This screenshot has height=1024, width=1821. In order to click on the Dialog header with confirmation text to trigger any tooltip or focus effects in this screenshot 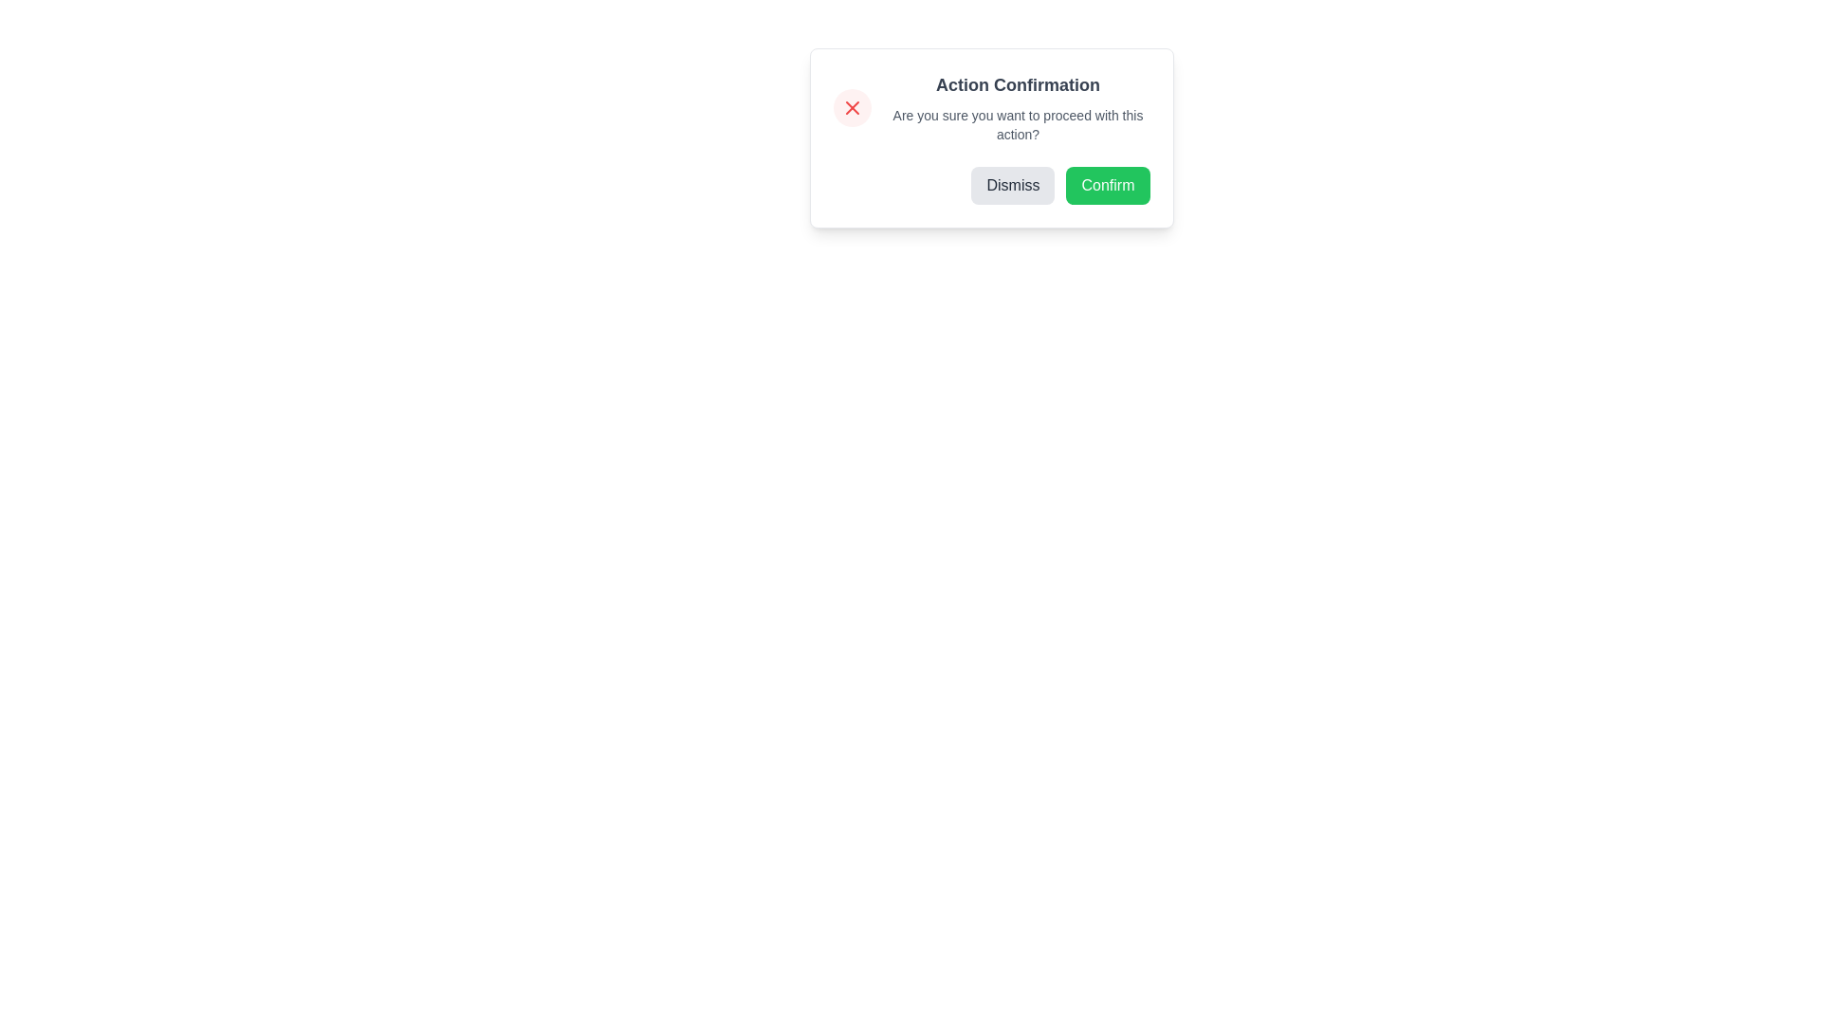, I will do `click(990, 108)`.